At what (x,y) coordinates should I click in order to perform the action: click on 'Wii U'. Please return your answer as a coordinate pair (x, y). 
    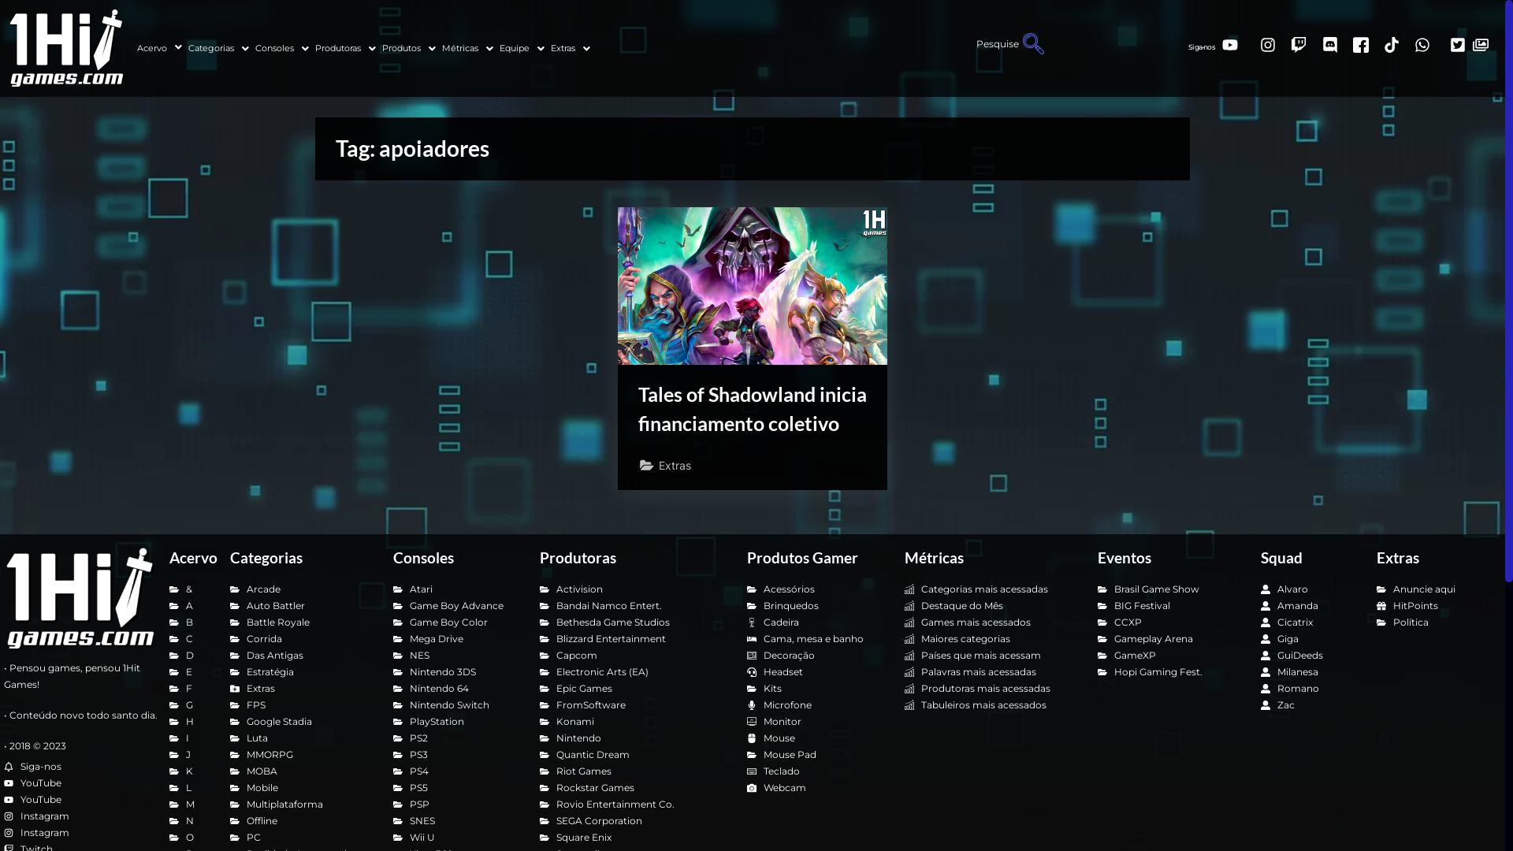
    Looking at the image, I should click on (457, 836).